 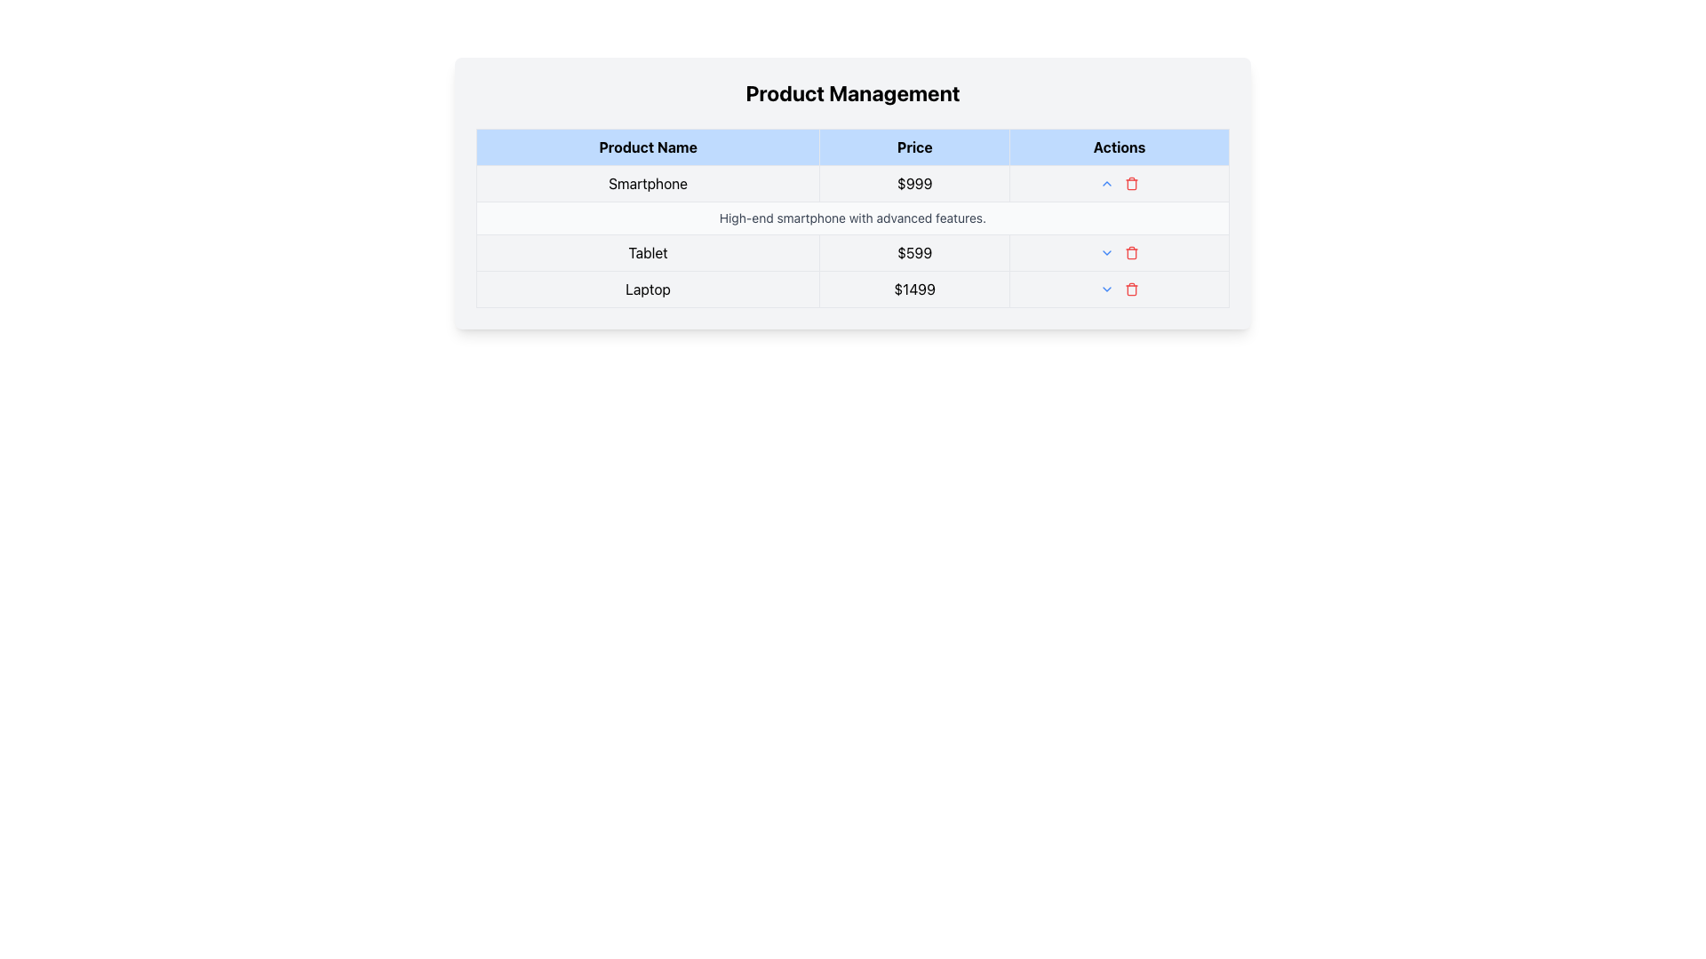 I want to click on the trash icon in the Actions column corresponding to the 'Laptop' entry, so click(x=1118, y=289).